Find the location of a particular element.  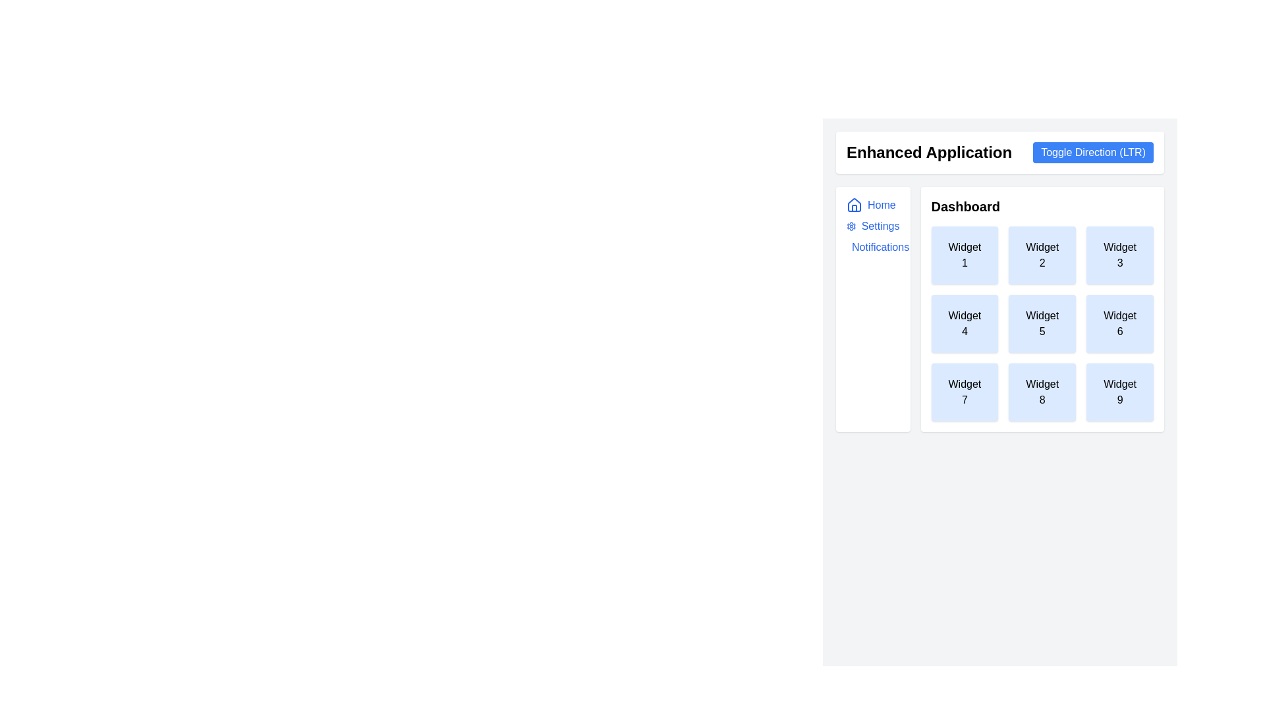

the rectangular widget labeled 'Widget 1' with a light blue background and rounded corners, located at the top-left corner of the grid in the 'Dashboard' is located at coordinates (965, 255).